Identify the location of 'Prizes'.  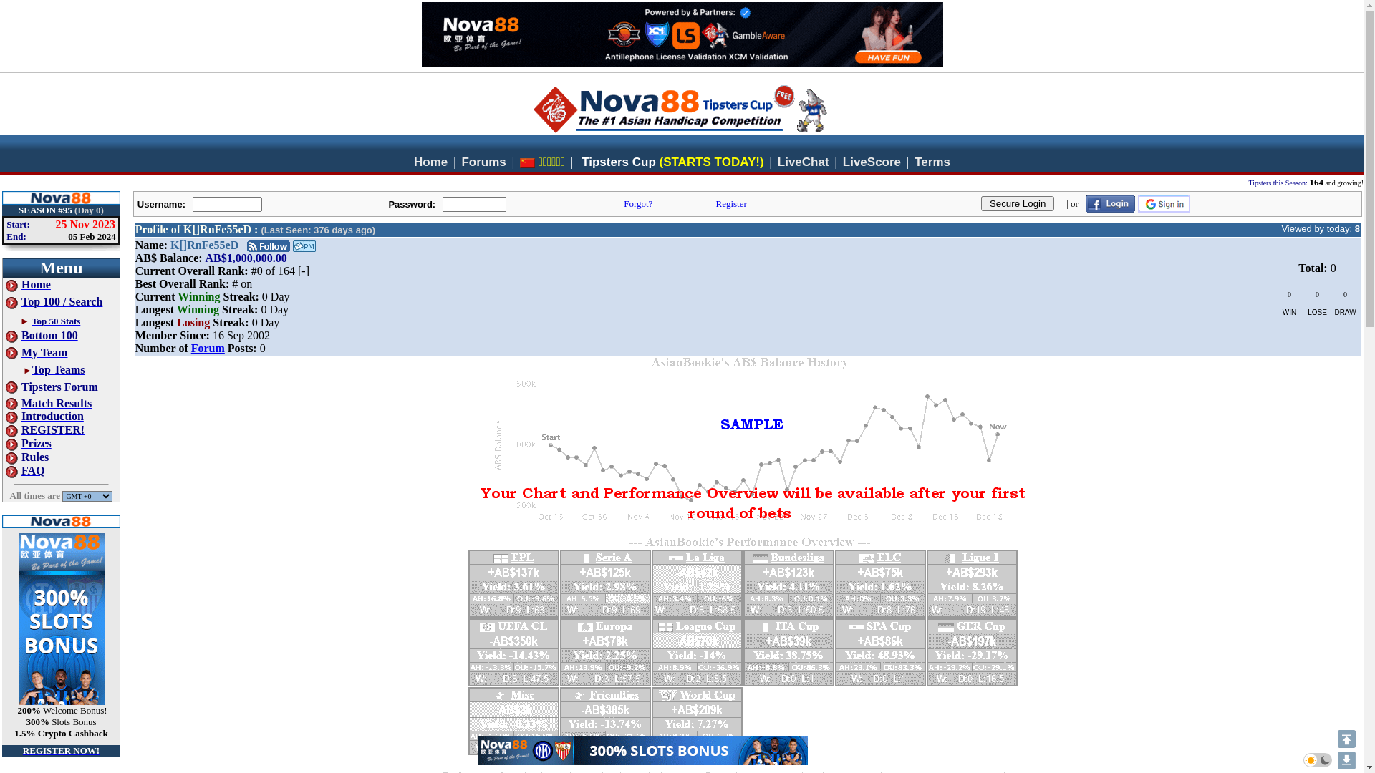
(28, 442).